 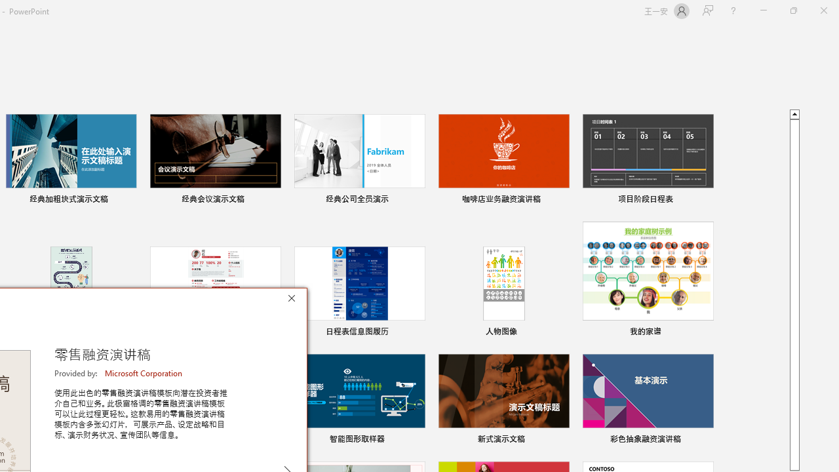 I want to click on 'Pin to list', so click(x=704, y=441).